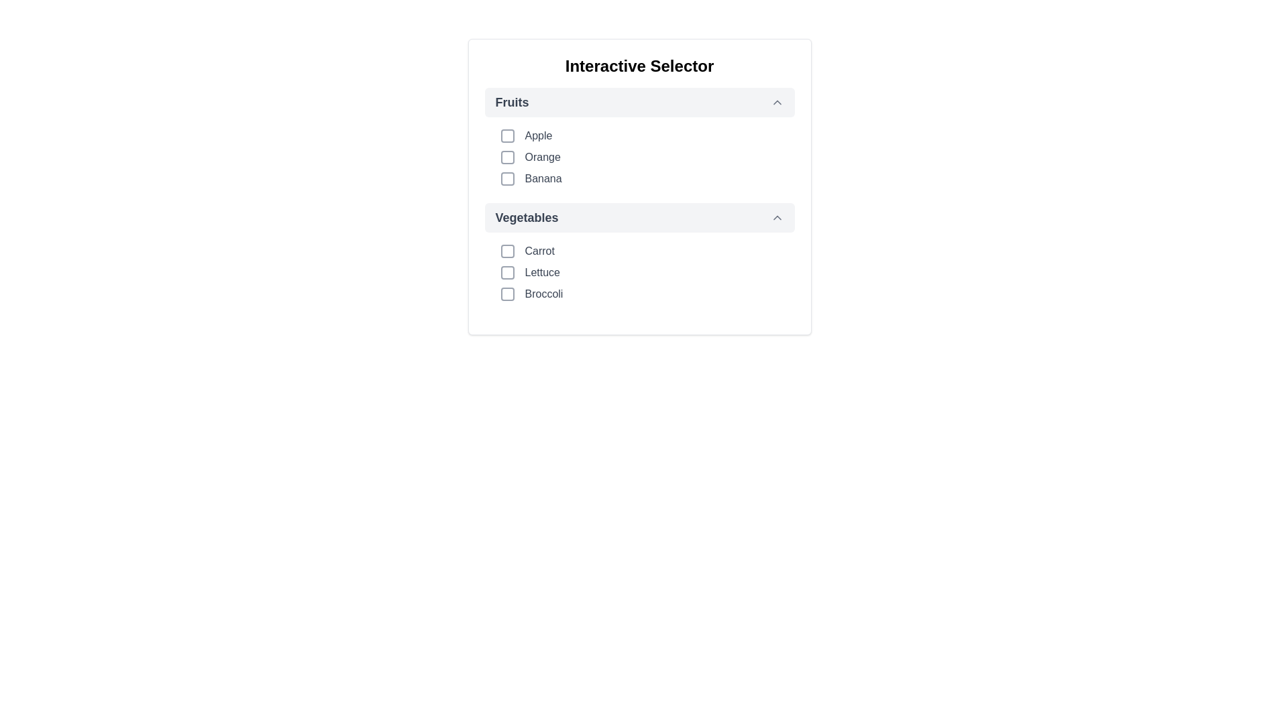 Image resolution: width=1288 pixels, height=724 pixels. What do you see at coordinates (506, 157) in the screenshot?
I see `the checkbox for 'Orange'` at bounding box center [506, 157].